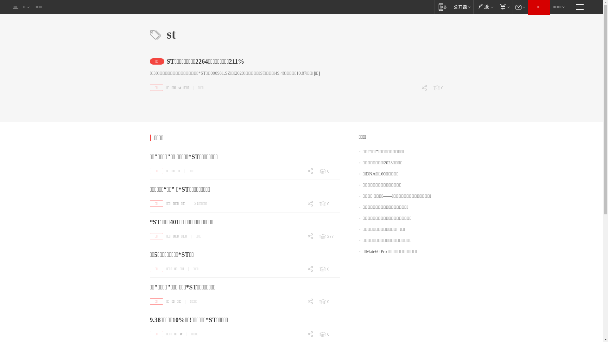 This screenshot has height=342, width=608. I want to click on '0', so click(297, 312).